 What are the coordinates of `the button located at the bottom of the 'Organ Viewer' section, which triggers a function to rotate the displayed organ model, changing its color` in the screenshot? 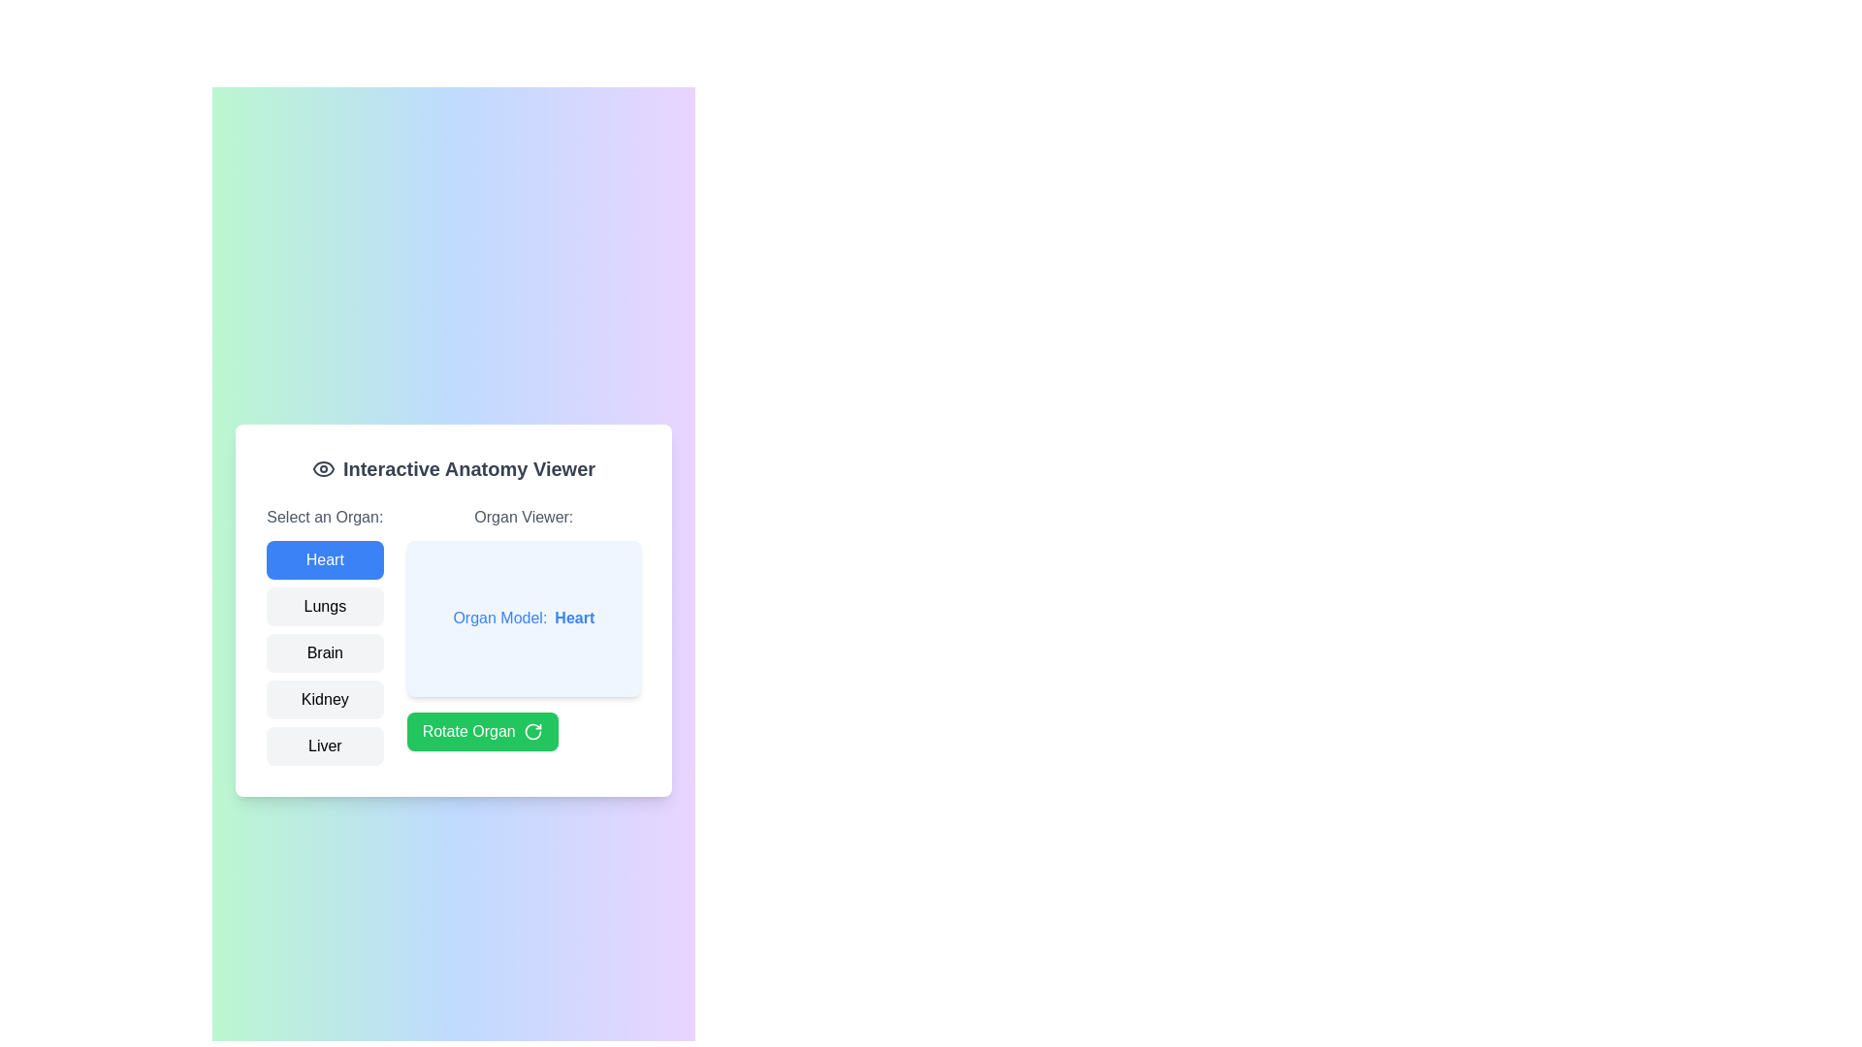 It's located at (482, 731).